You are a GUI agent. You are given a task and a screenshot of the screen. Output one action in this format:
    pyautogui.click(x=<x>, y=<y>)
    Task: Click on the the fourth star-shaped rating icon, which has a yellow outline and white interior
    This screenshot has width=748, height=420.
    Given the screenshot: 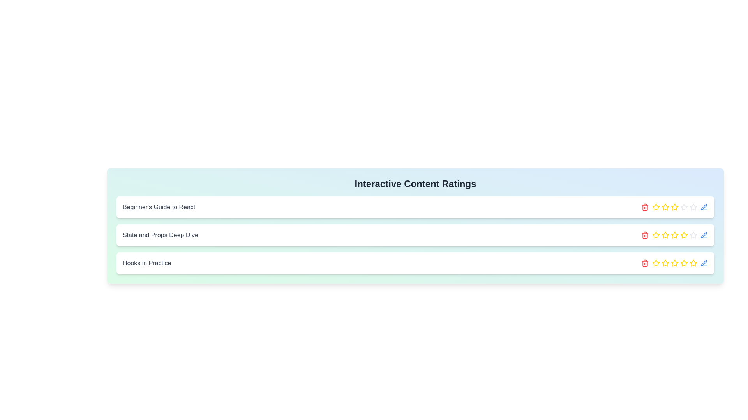 What is the action you would take?
    pyautogui.click(x=693, y=263)
    